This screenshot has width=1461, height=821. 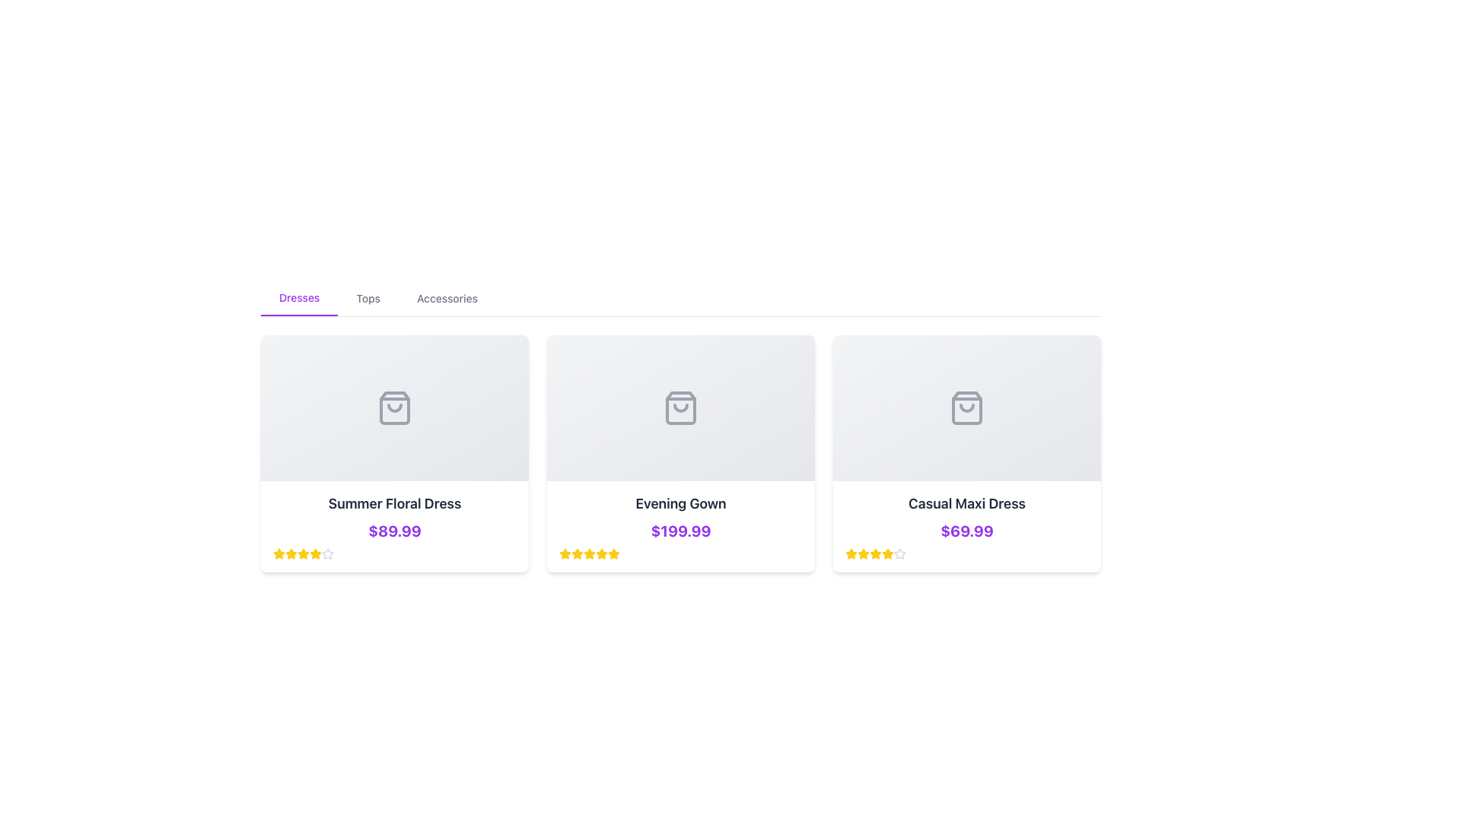 I want to click on the first star in the multi-star rating system for the 'Summer Floral Dress' priced at '$89.99', so click(x=279, y=554).